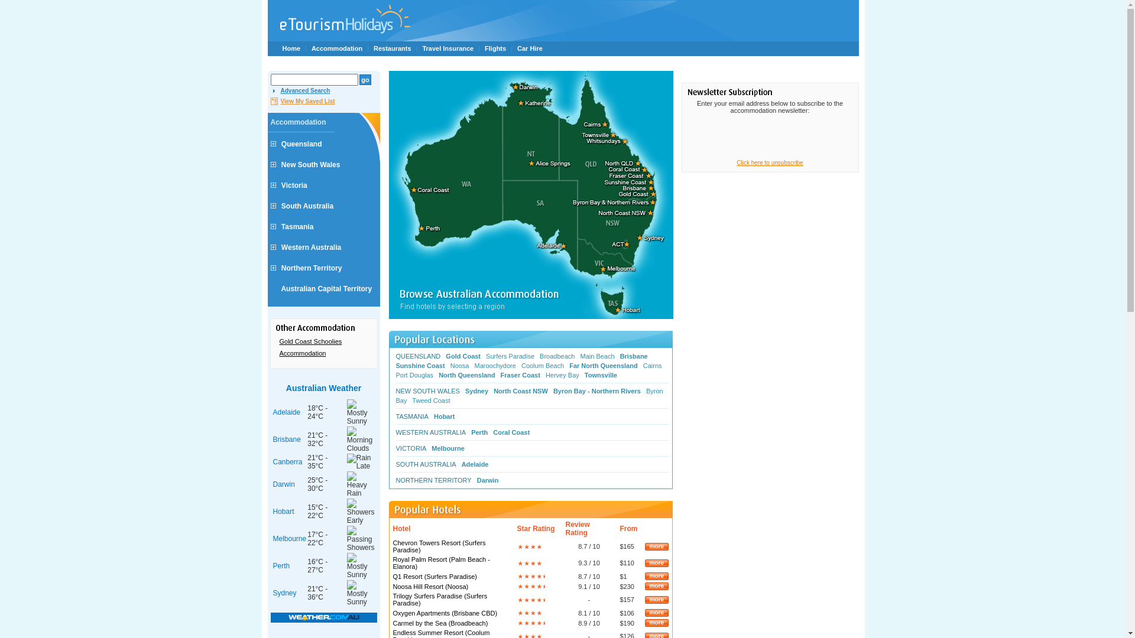 The image size is (1135, 638). I want to click on 'TASMANIA', so click(414, 416).